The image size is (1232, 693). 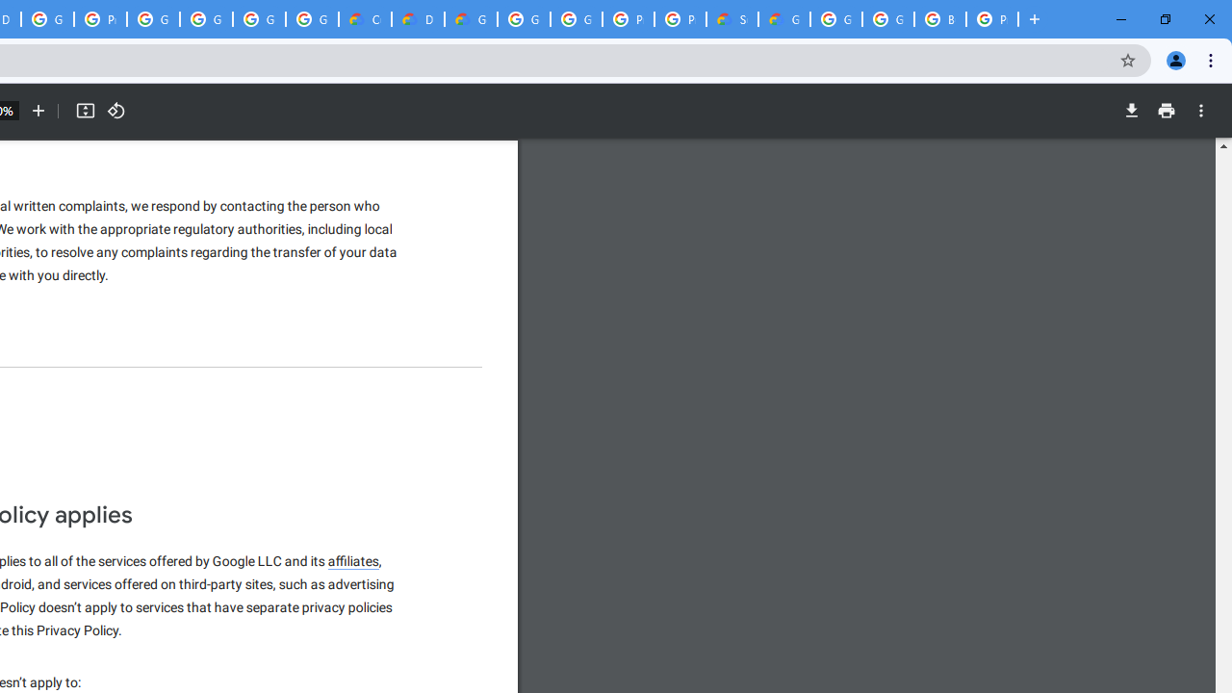 I want to click on 'affiliates', so click(x=354, y=562).